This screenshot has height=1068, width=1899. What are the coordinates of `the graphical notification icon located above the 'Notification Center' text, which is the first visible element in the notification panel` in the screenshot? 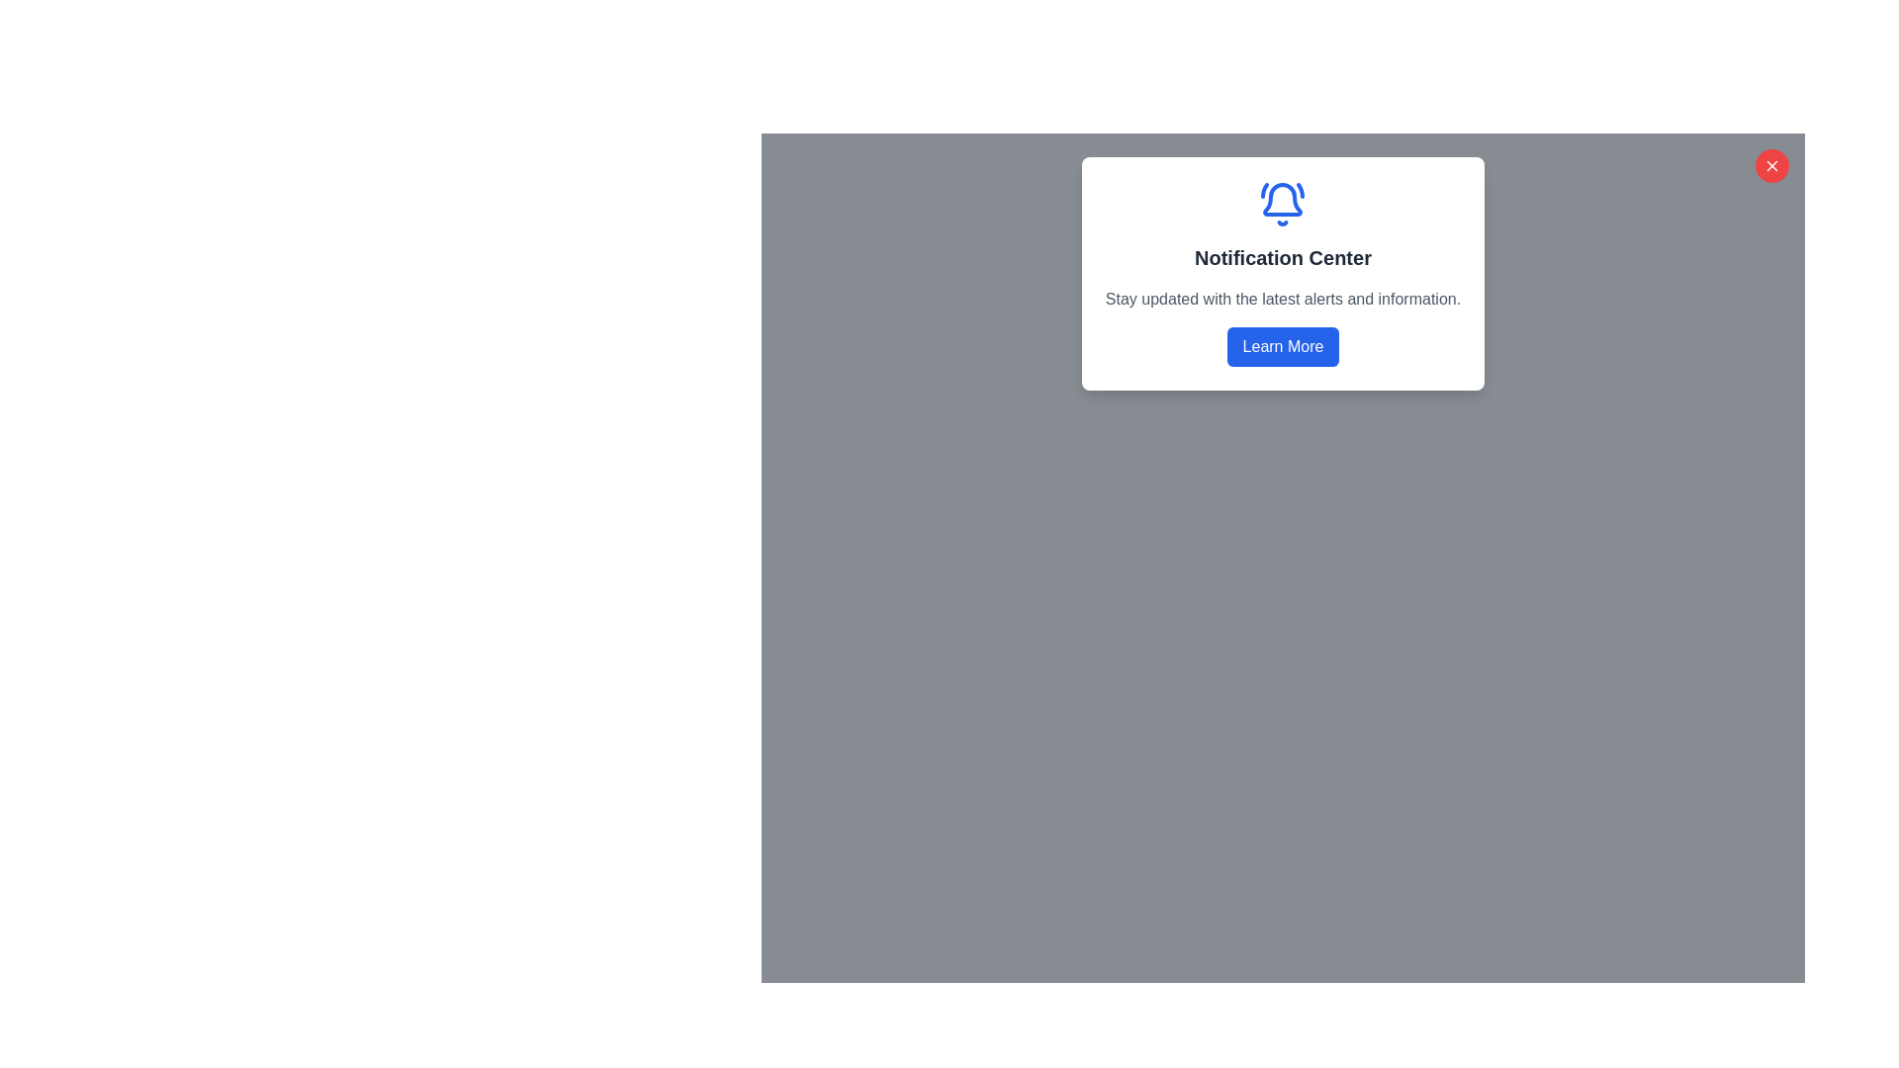 It's located at (1283, 205).